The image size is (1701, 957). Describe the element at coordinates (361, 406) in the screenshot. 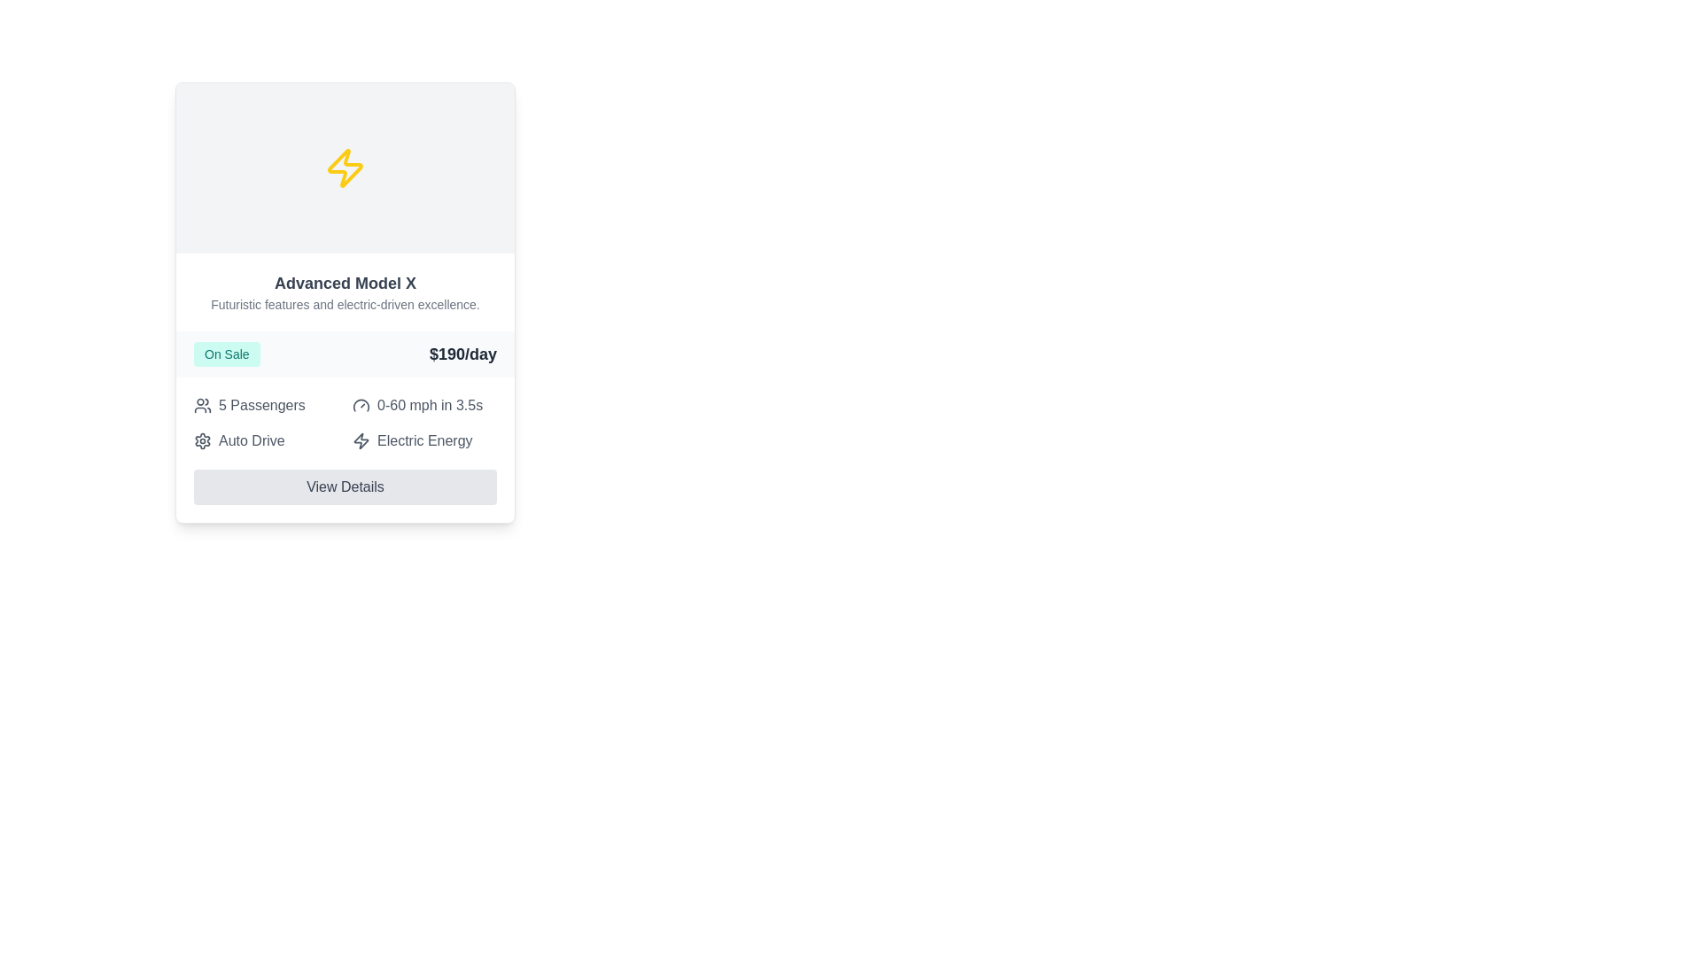

I see `the SVG gauge icon located to the left of the text '0-60 mph in 3.5s' by clicking on it` at that location.